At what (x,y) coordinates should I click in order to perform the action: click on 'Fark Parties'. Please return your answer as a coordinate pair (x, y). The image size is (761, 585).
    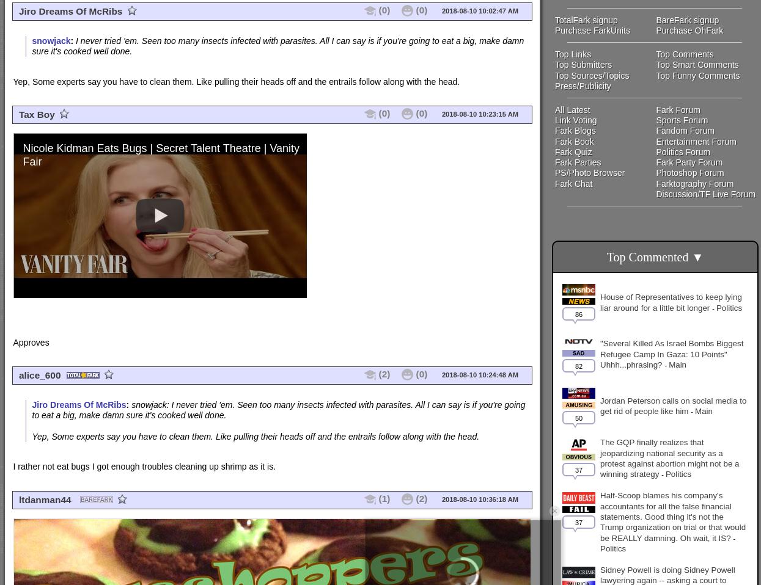
    Looking at the image, I should click on (578, 162).